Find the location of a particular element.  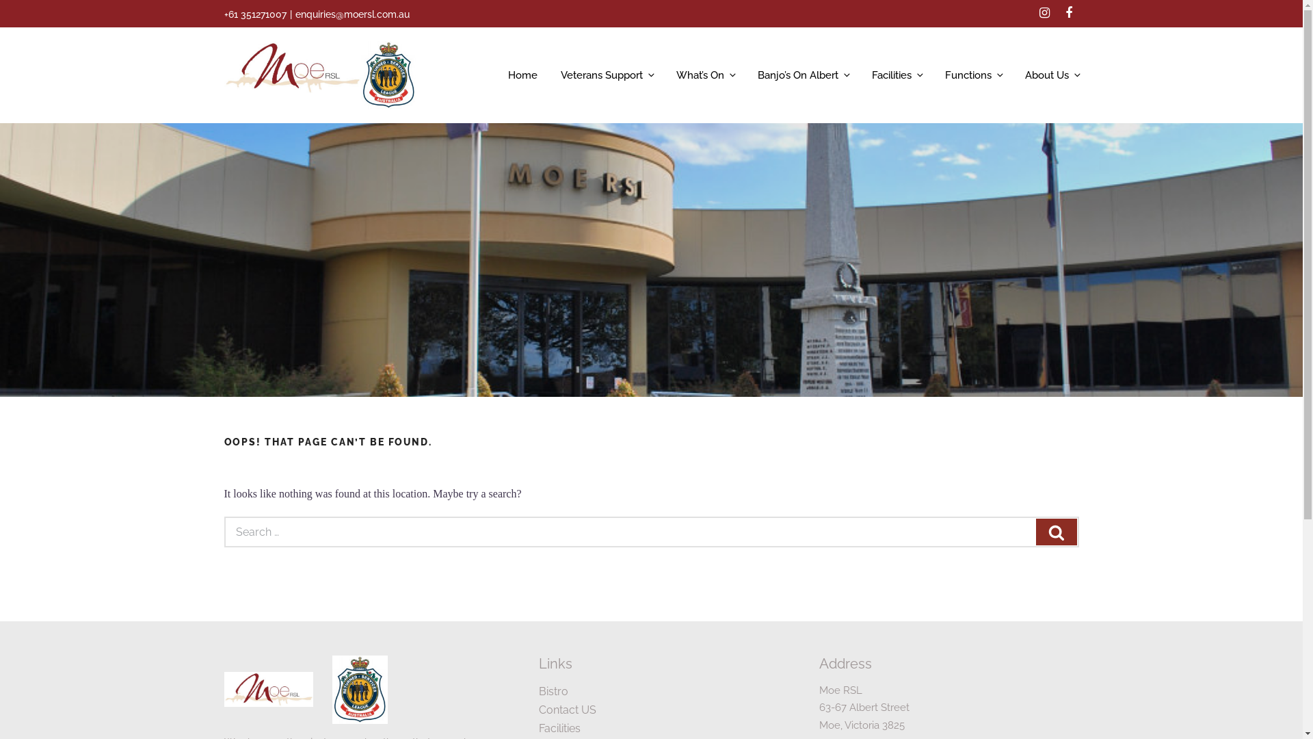

'Contact US' is located at coordinates (538, 709).